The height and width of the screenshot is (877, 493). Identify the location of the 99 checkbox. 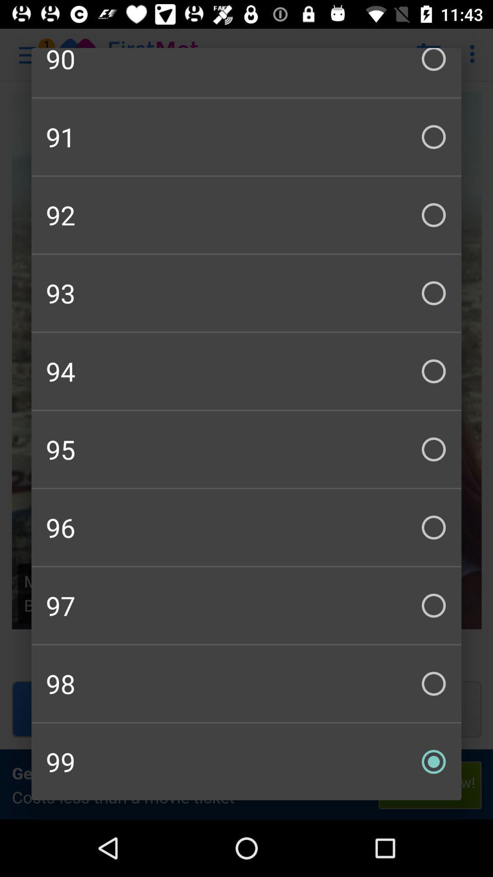
(246, 762).